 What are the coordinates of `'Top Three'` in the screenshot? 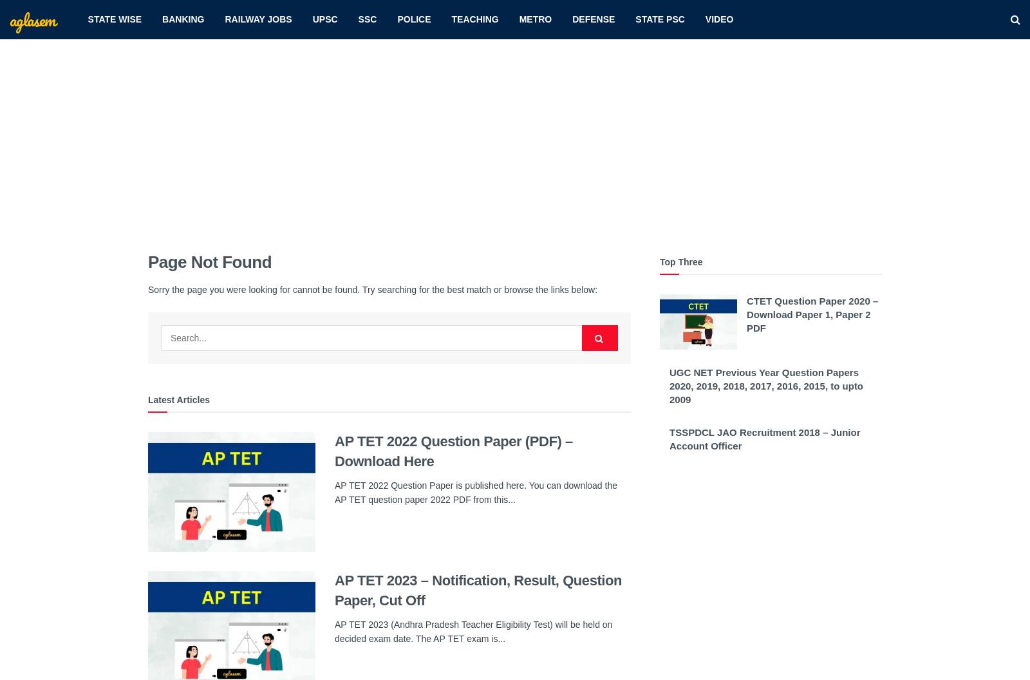 It's located at (659, 261).